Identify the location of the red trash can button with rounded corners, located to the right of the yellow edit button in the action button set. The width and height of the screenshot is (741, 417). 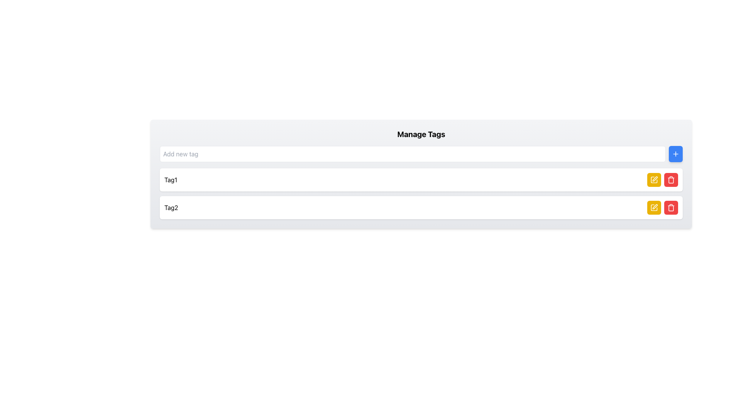
(670, 180).